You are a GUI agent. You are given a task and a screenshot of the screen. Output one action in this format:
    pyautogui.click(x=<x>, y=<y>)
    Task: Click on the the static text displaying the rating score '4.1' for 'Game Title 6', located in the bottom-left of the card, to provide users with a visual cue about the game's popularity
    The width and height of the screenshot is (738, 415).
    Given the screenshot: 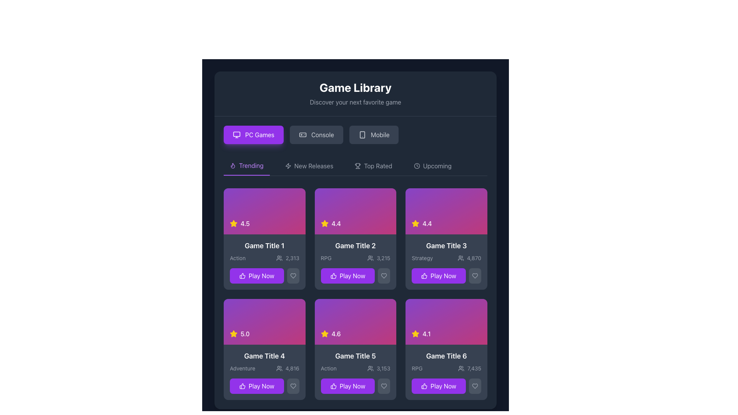 What is the action you would take?
    pyautogui.click(x=426, y=334)
    